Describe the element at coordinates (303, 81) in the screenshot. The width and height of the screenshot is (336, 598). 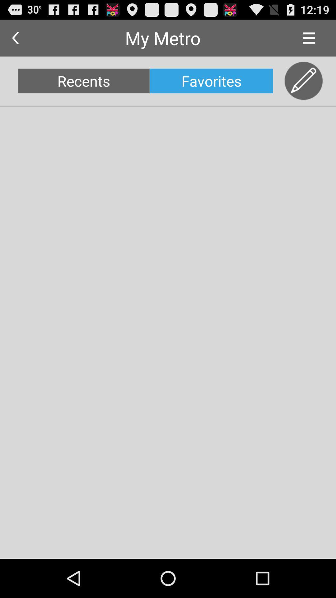
I see `item next to the favorites app` at that location.